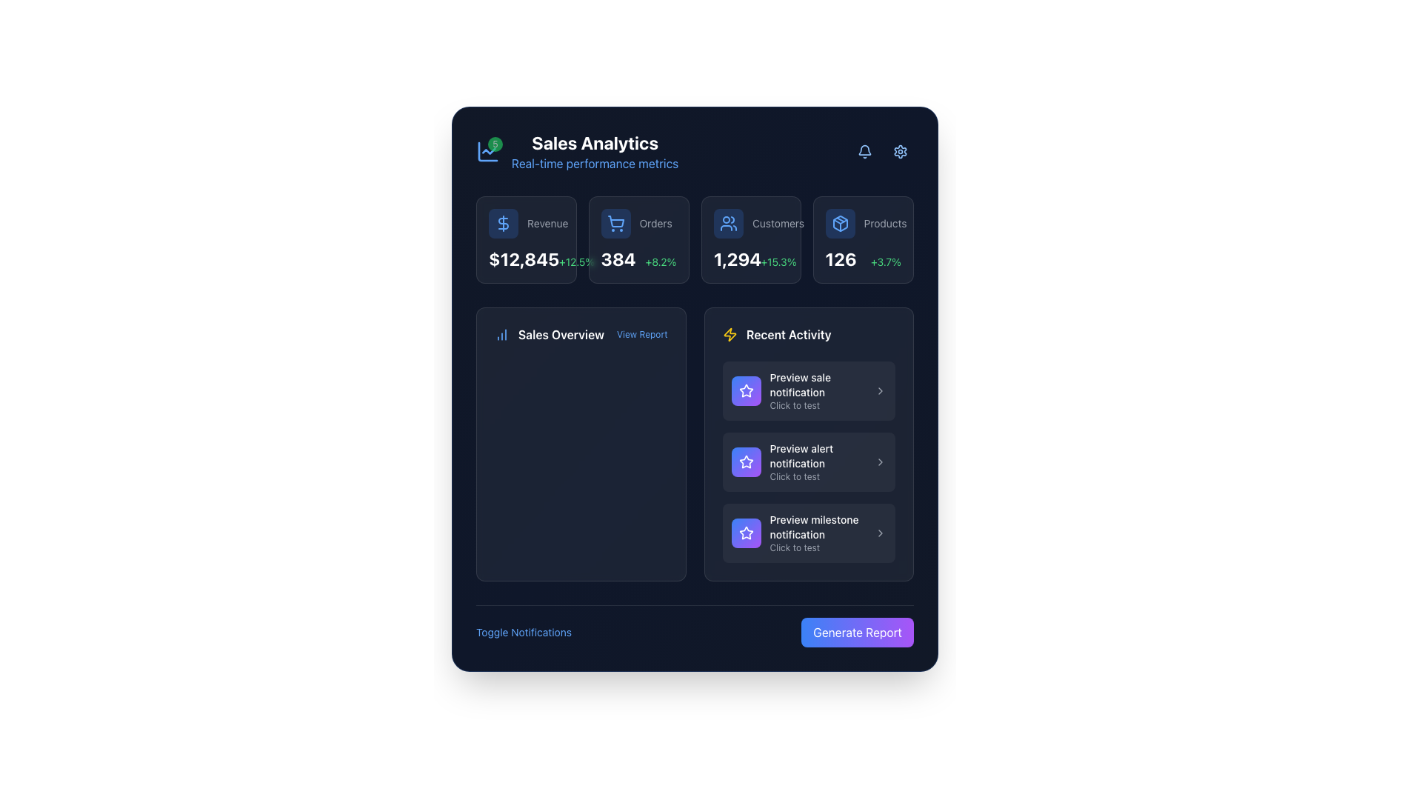 The width and height of the screenshot is (1422, 800). I want to click on the blue gradient bell icon located at the top-right corner of the panel, so click(864, 151).